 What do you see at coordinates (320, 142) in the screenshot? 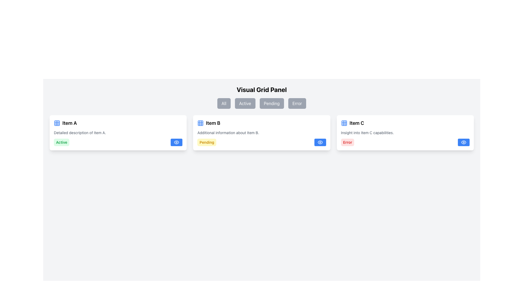
I see `the button located in the bottom-right corner of the card labeled 'Item B' within the 'Pending' status group` at bounding box center [320, 142].